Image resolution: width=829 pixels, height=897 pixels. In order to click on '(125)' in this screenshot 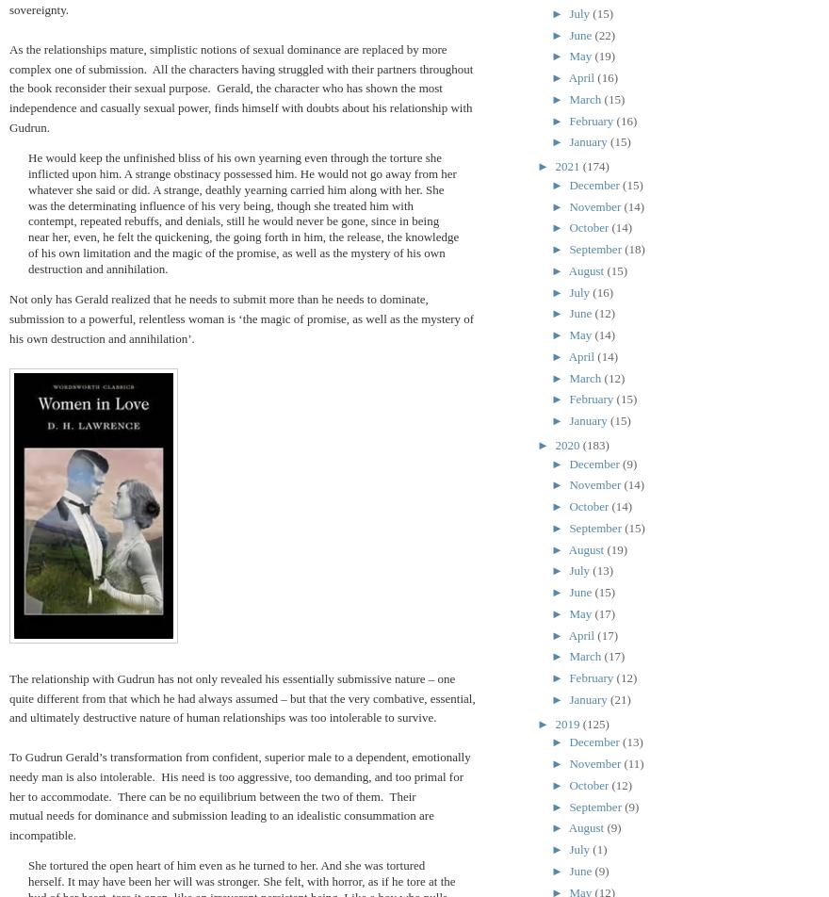, I will do `click(581, 723)`.